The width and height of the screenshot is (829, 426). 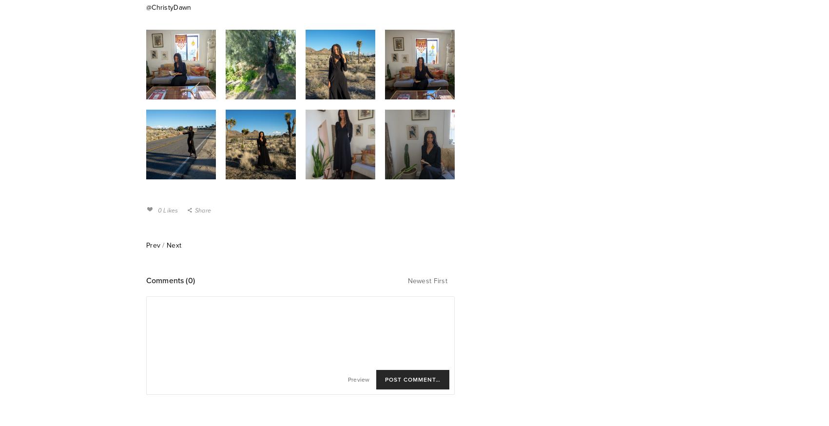 I want to click on '0 Likes', so click(x=167, y=210).